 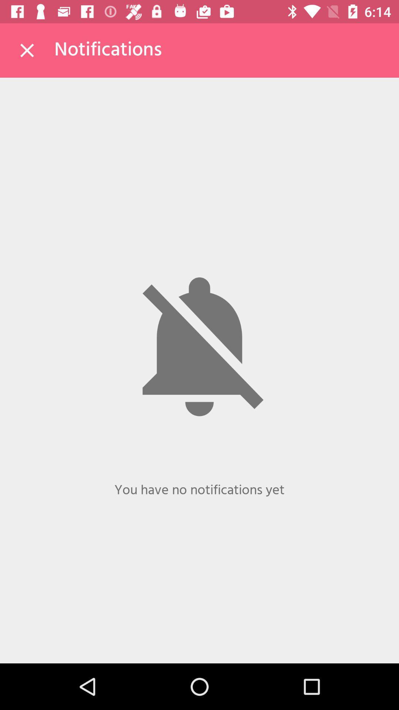 I want to click on the icon to the left of the notifications item, so click(x=27, y=50).